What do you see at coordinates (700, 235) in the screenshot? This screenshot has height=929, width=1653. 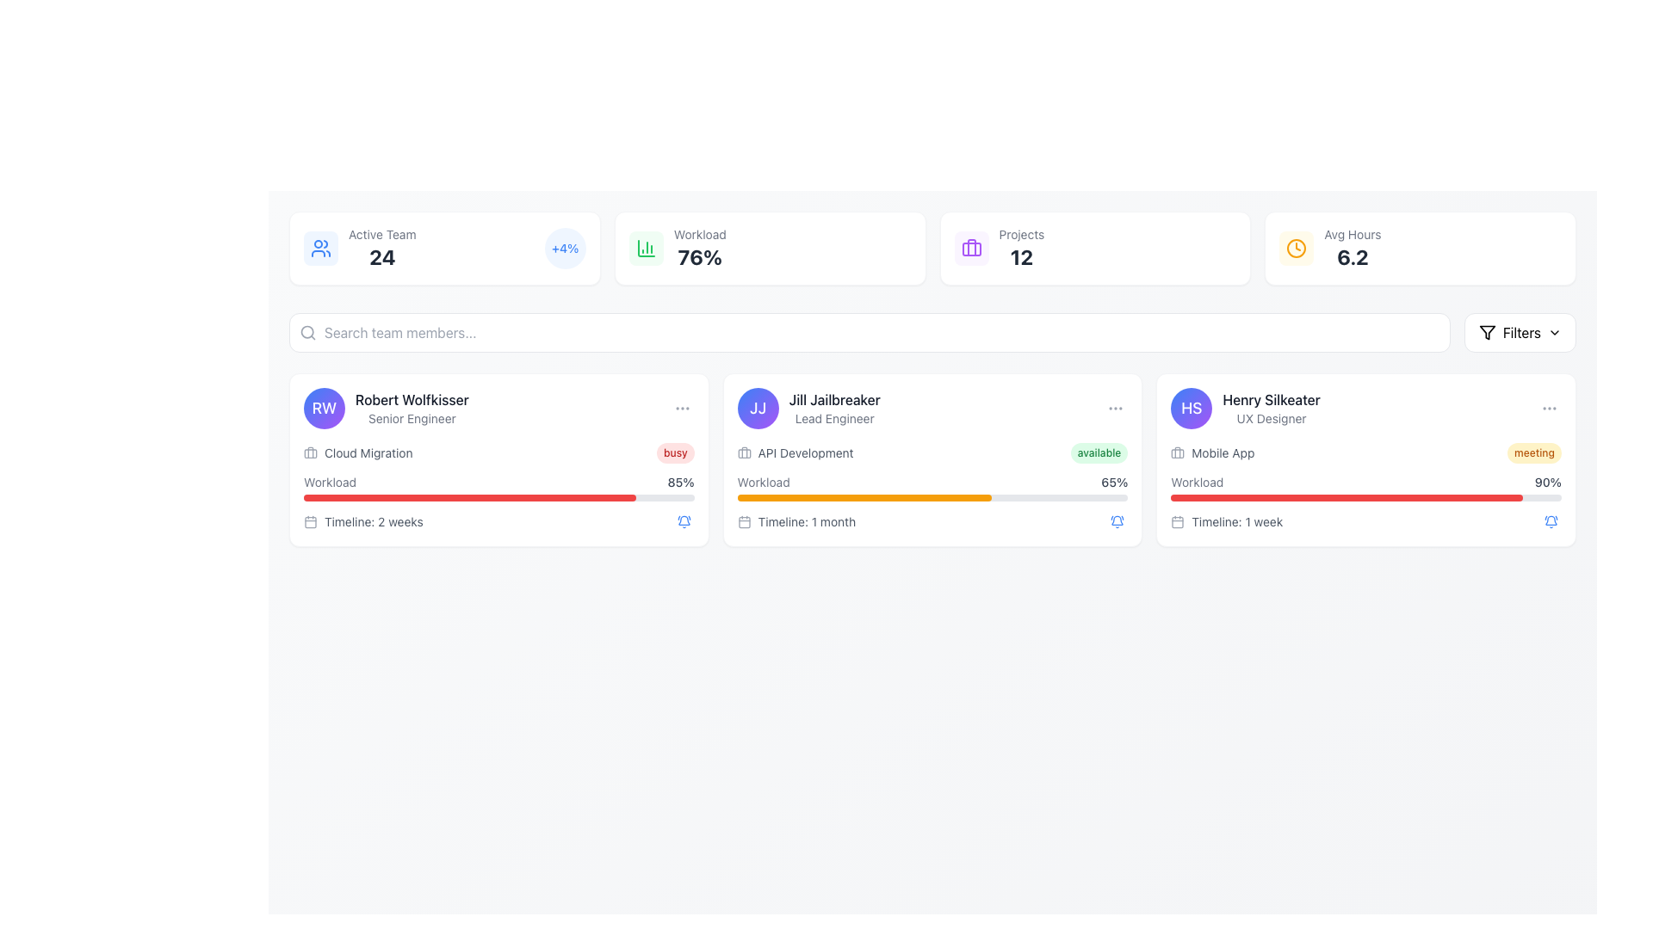 I see `the static text label displaying 'Workload' in a small, gray font, which is positioned above the percentage value '76%'` at bounding box center [700, 235].